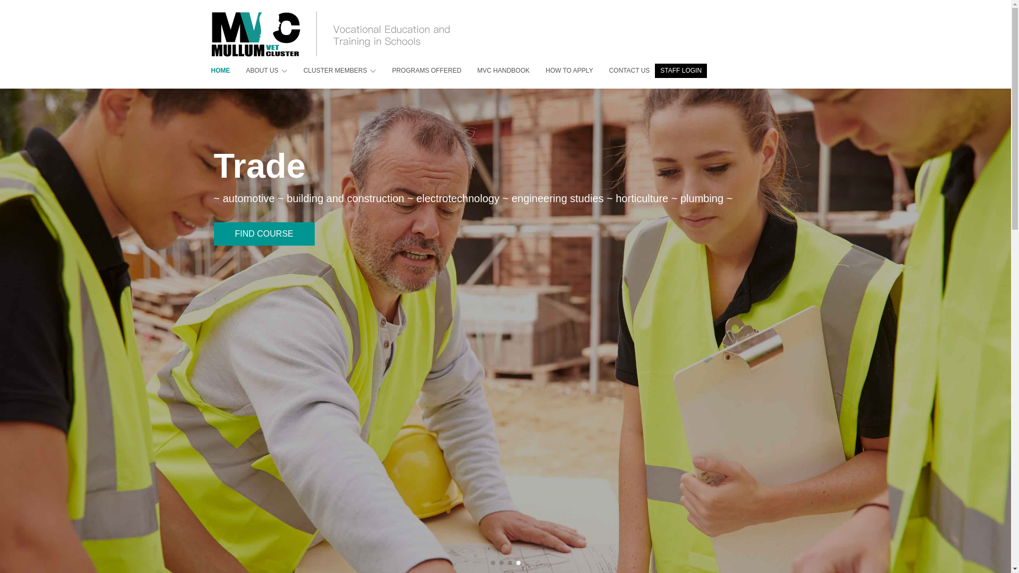  I want to click on 'CLUSTER MEMBERS', so click(331, 71).